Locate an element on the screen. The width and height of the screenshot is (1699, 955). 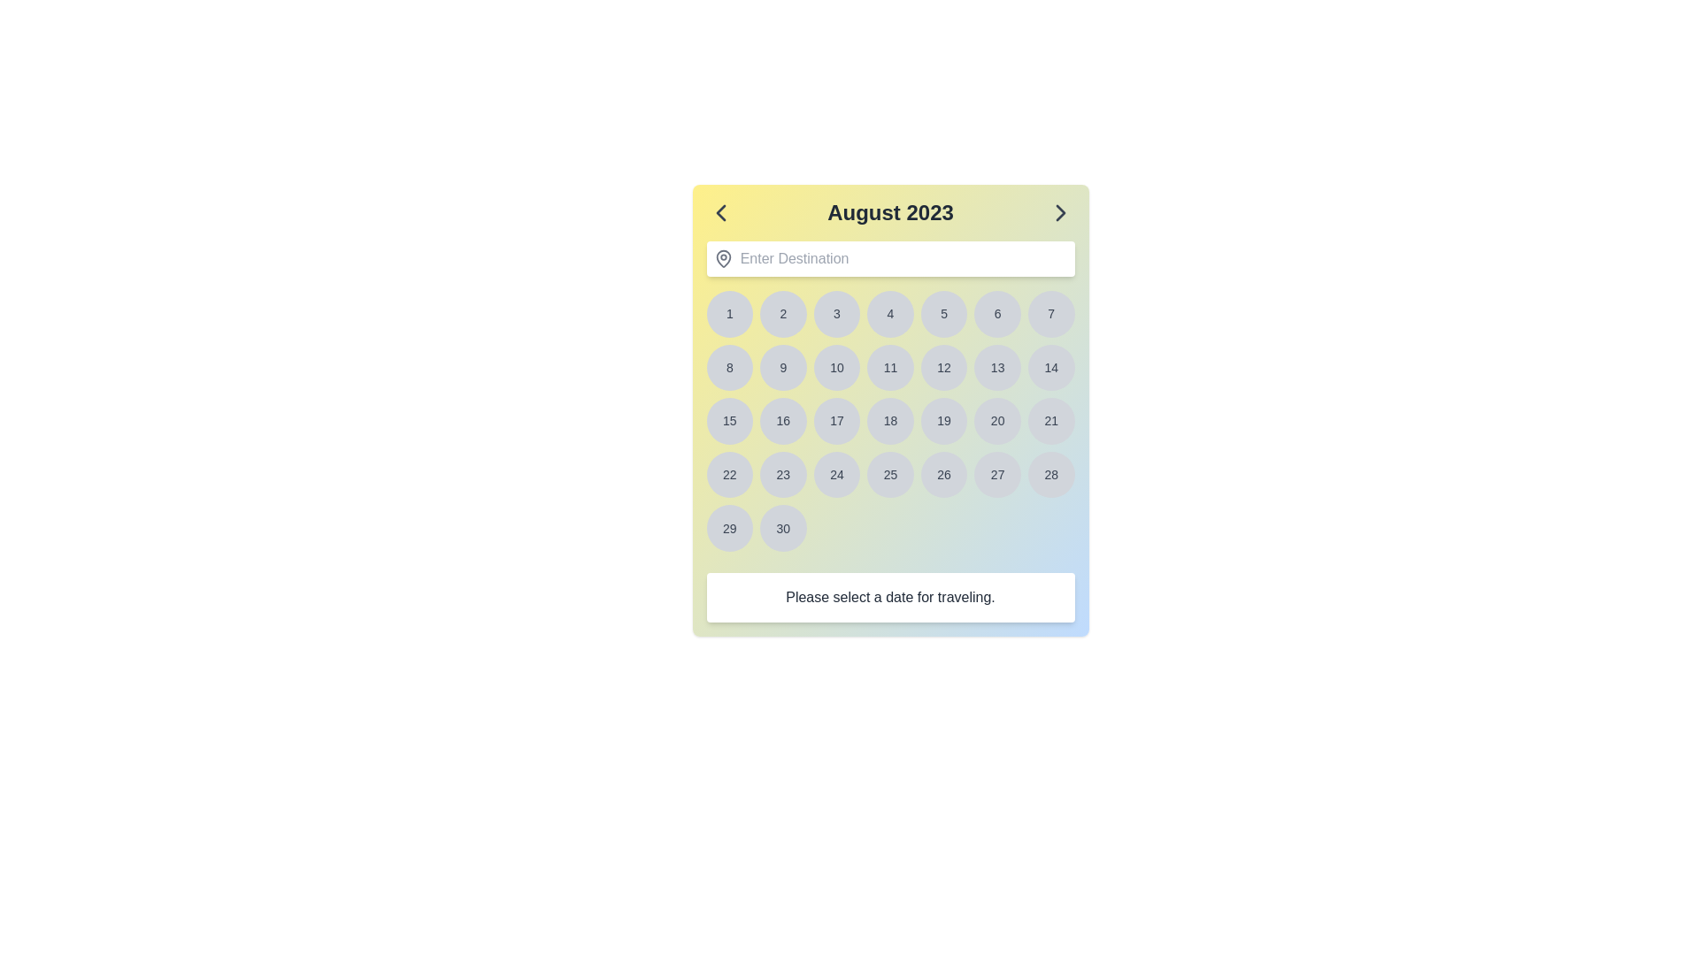
the button representing the date '28' in the calendar is located at coordinates (1051, 473).